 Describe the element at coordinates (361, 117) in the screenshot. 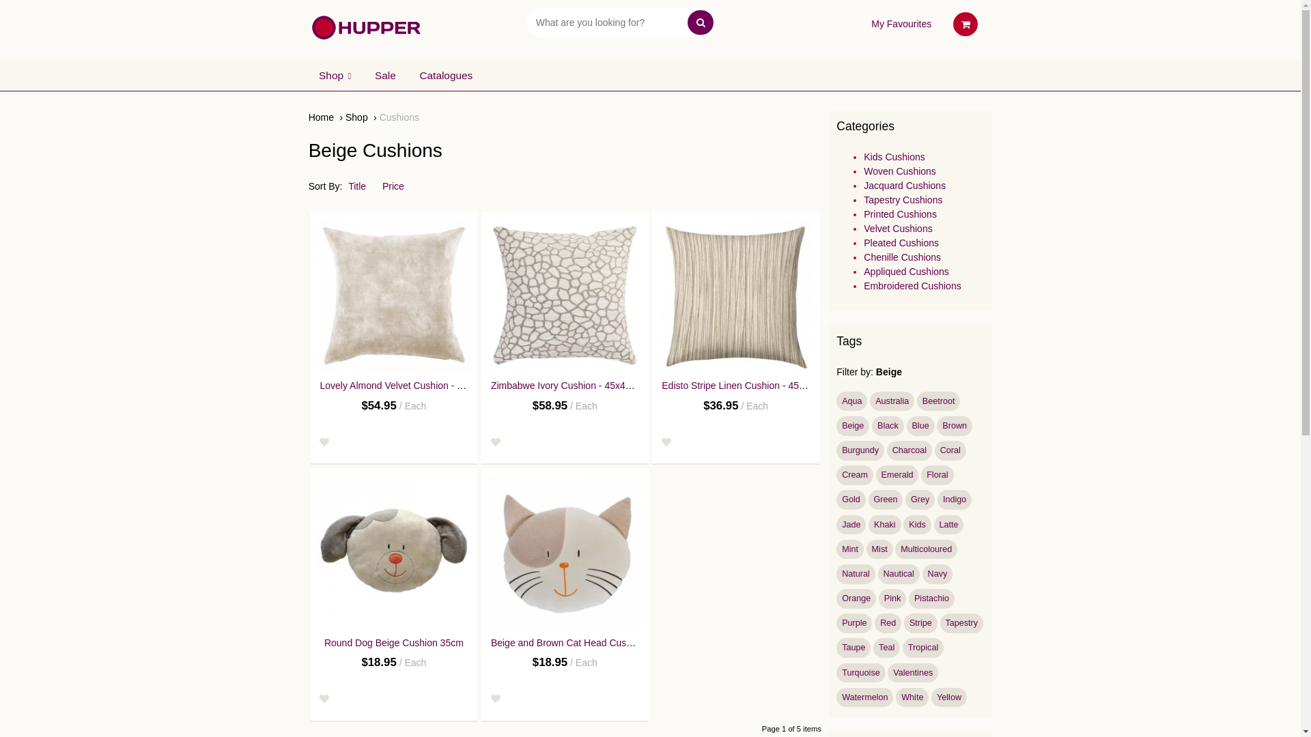

I see `'Shop'` at that location.